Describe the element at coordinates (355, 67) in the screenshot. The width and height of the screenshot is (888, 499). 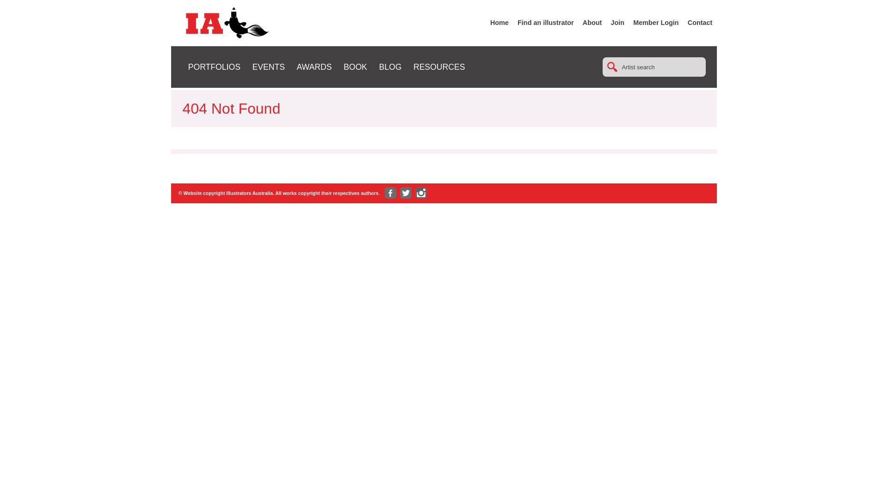
I see `'BOOK'` at that location.